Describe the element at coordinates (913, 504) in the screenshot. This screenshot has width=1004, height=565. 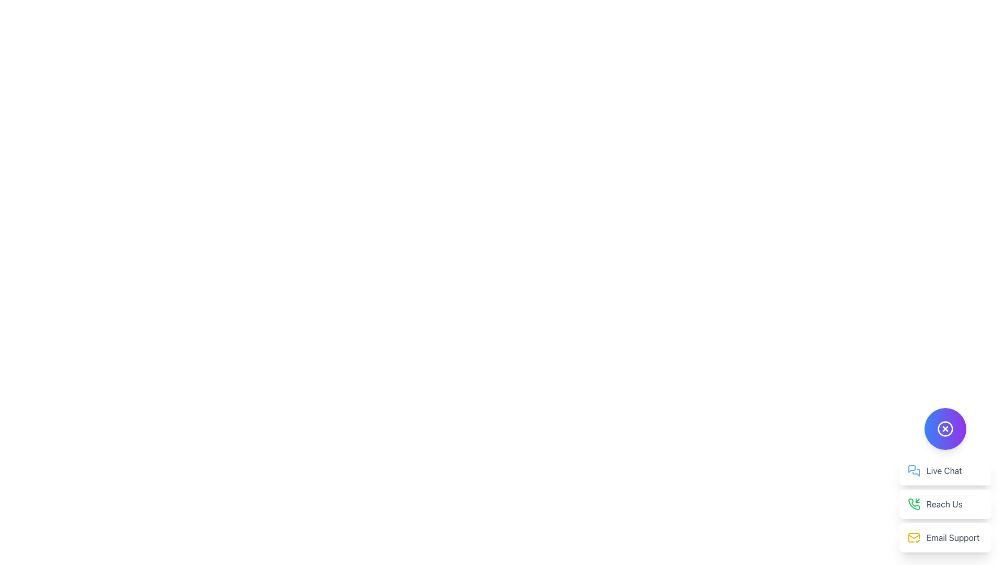
I see `the phone icon with an incoming arrow, styled in green, located inside the 'Reach Us' button` at that location.